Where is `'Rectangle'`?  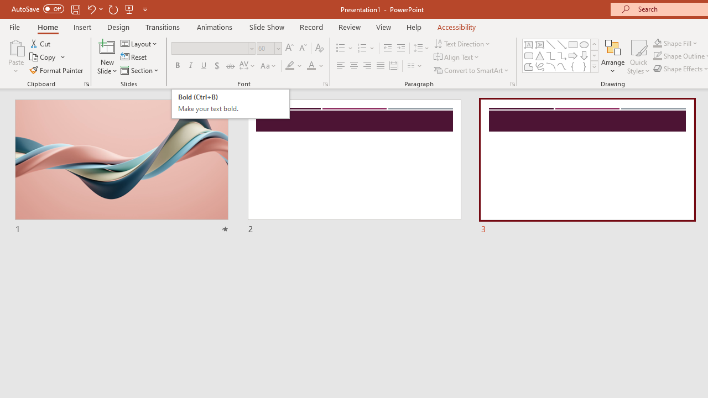 'Rectangle' is located at coordinates (573, 44).